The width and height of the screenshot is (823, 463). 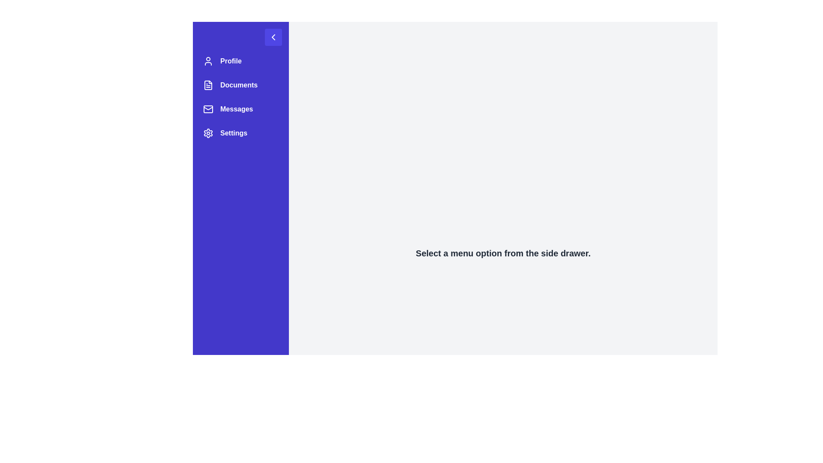 What do you see at coordinates (240, 97) in the screenshot?
I see `the Navigation menu element` at bounding box center [240, 97].